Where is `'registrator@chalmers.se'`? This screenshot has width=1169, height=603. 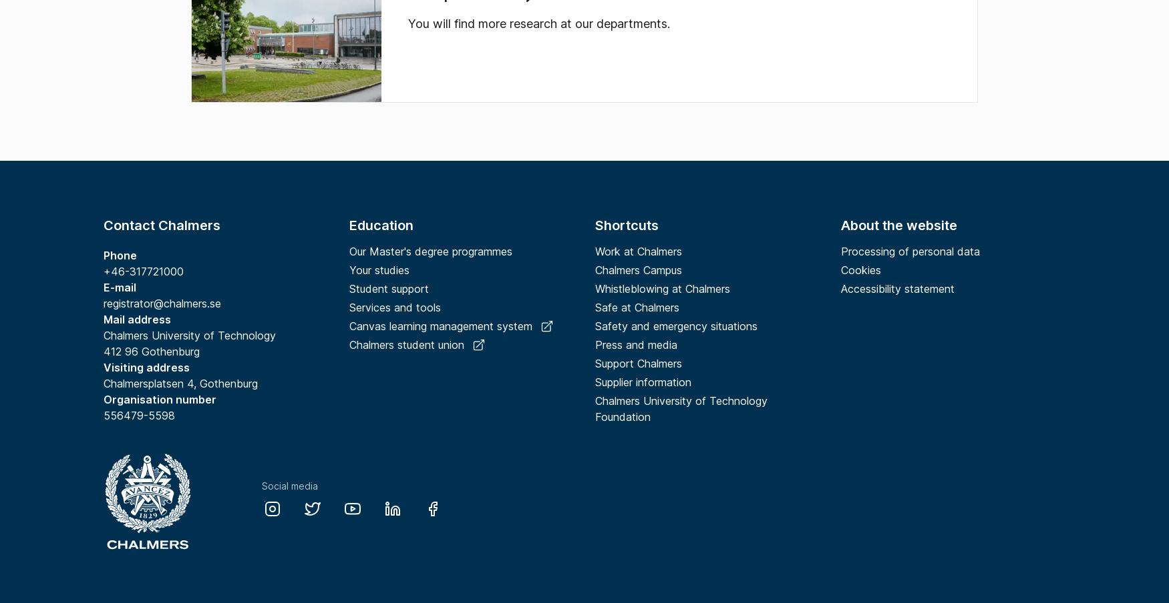
'registrator@chalmers.se' is located at coordinates (103, 302).